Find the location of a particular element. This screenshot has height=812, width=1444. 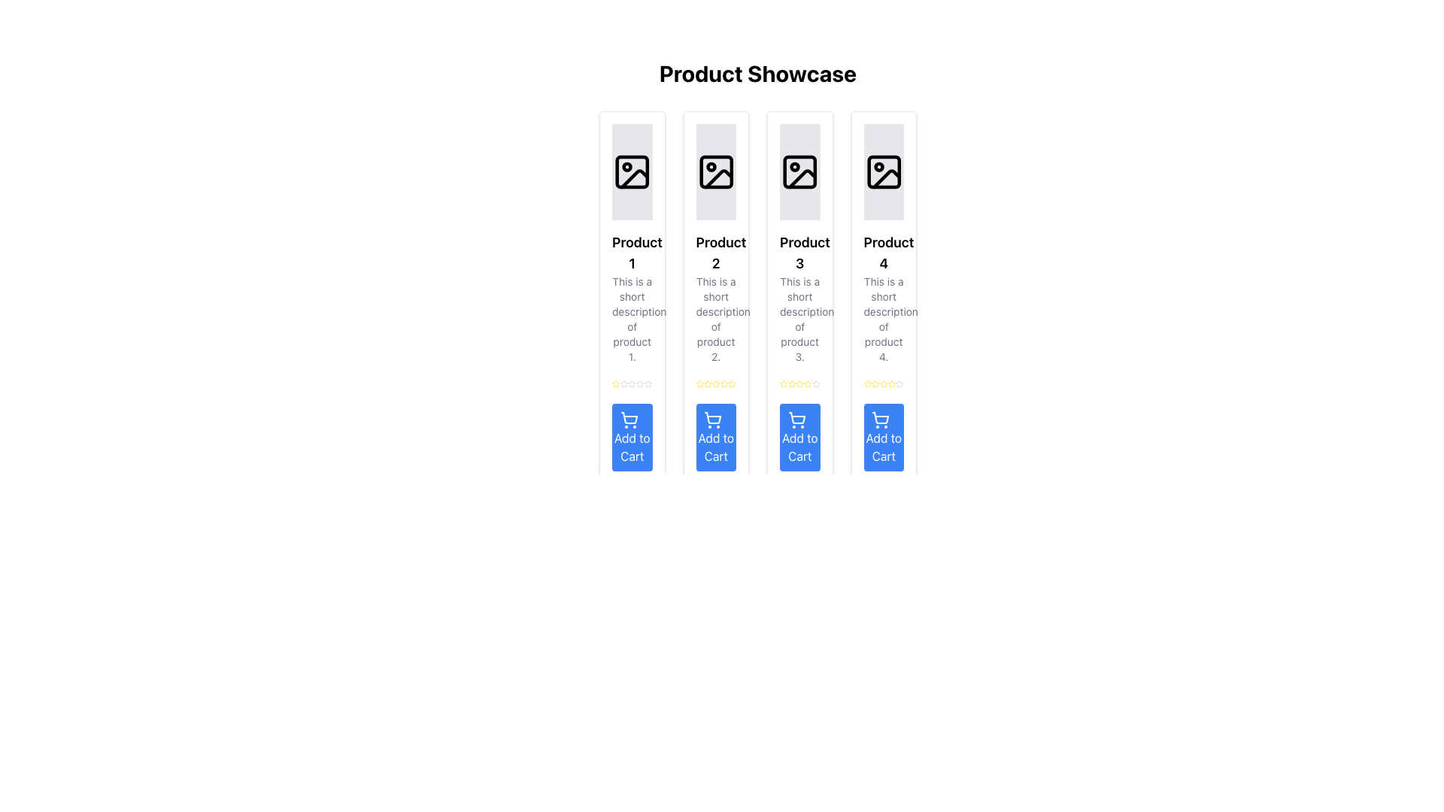

the fourth star icon in the rating section for Product 3 is located at coordinates (807, 383).